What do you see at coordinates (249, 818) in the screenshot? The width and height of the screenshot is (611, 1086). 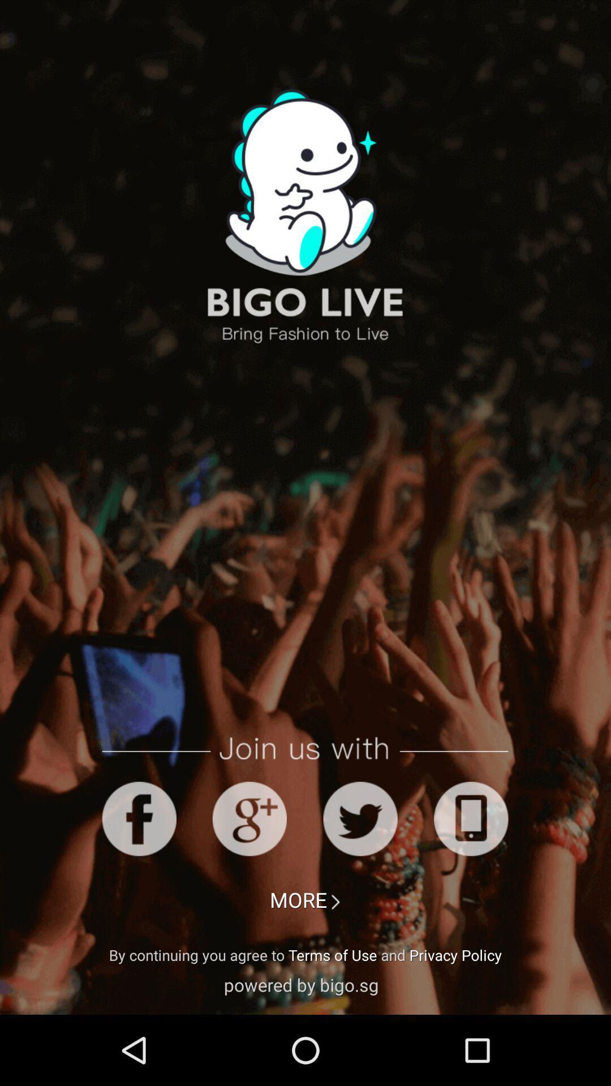 I see `login with google+` at bounding box center [249, 818].